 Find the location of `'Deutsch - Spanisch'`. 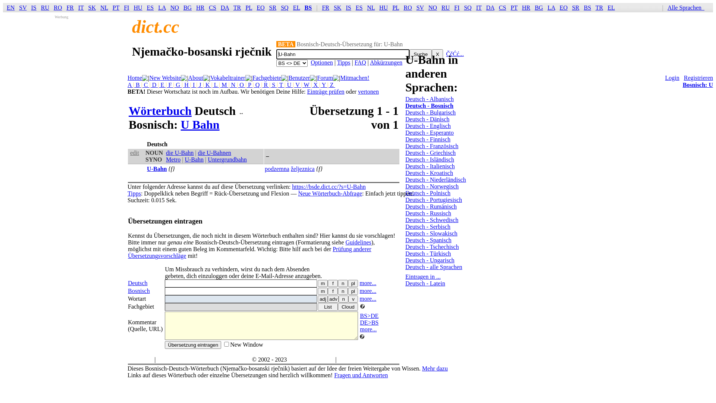

'Deutsch - Spanisch' is located at coordinates (405, 240).